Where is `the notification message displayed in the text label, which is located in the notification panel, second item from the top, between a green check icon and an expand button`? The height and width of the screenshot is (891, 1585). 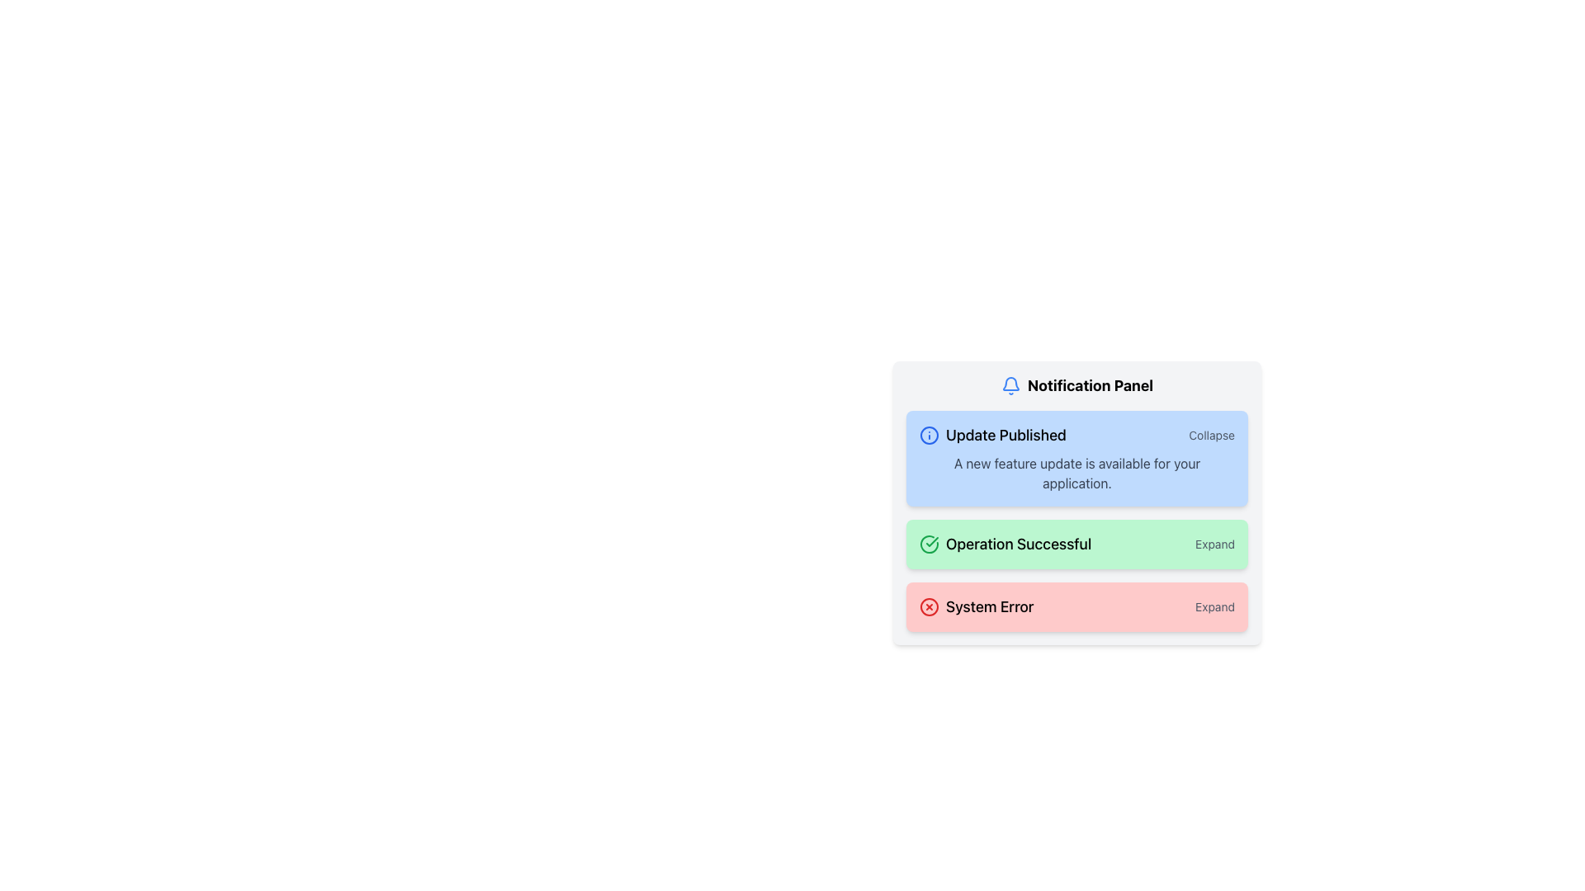 the notification message displayed in the text label, which is located in the notification panel, second item from the top, between a green check icon and an expand button is located at coordinates (1018, 544).